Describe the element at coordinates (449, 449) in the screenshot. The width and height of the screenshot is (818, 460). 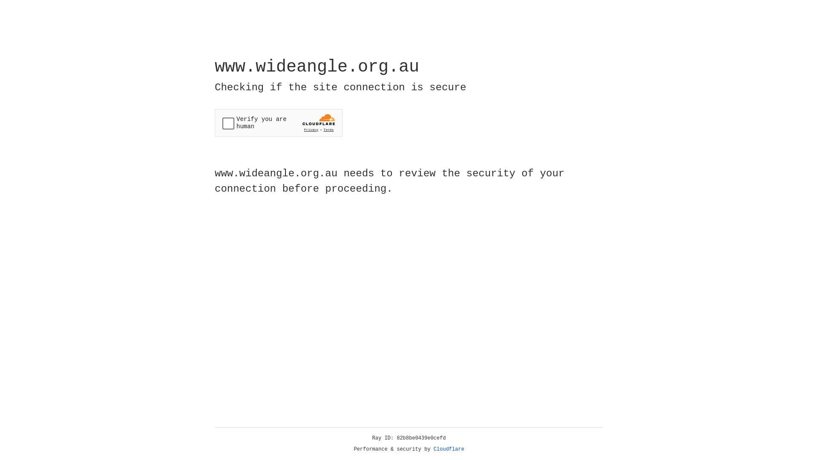
I see `'Cloudflare'` at that location.